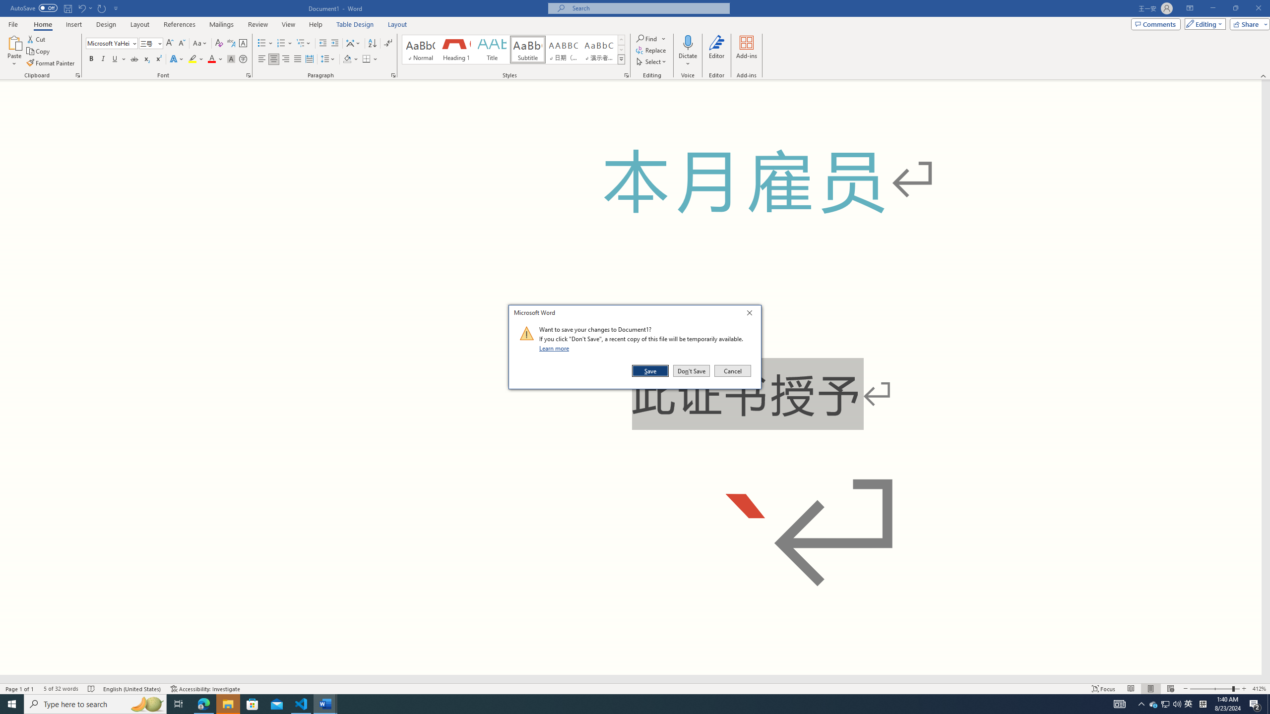 The height and width of the screenshot is (714, 1270). What do you see at coordinates (691, 370) in the screenshot?
I see `'Don'` at bounding box center [691, 370].